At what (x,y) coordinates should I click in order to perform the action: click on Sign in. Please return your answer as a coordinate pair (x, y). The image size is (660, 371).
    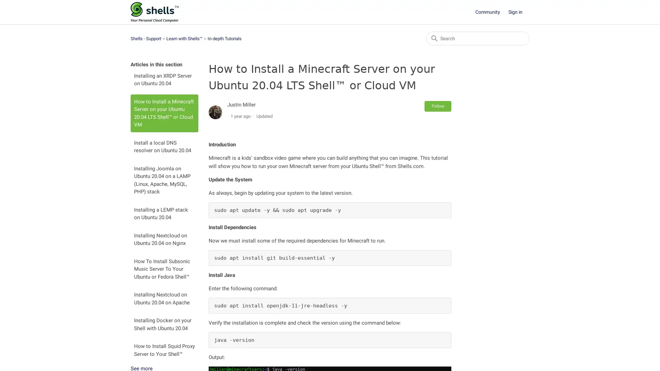
    Looking at the image, I should click on (519, 12).